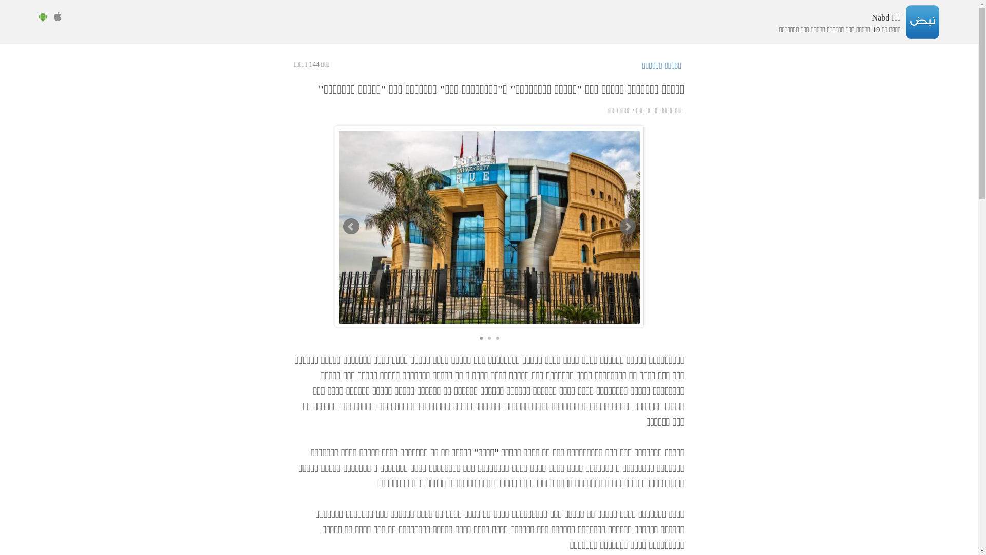  Describe the element at coordinates (489, 338) in the screenshot. I see `'2'` at that location.